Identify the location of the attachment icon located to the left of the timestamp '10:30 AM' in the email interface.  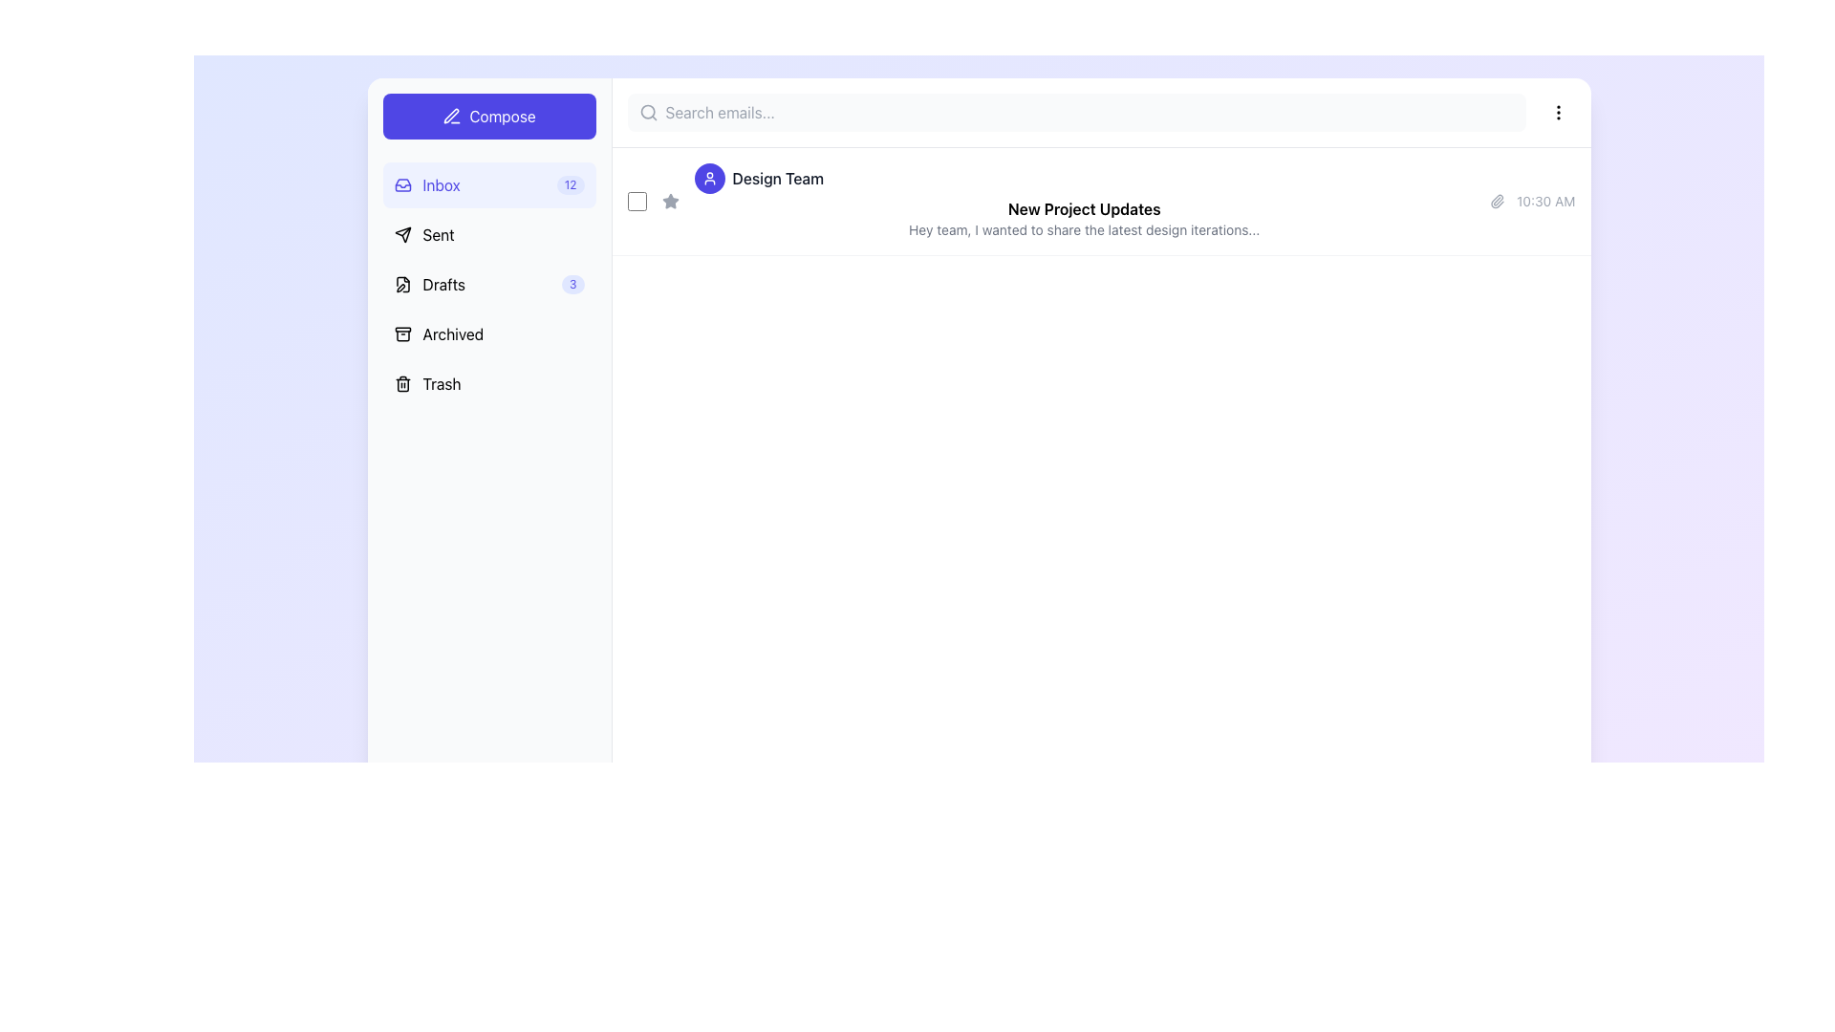
(1497, 202).